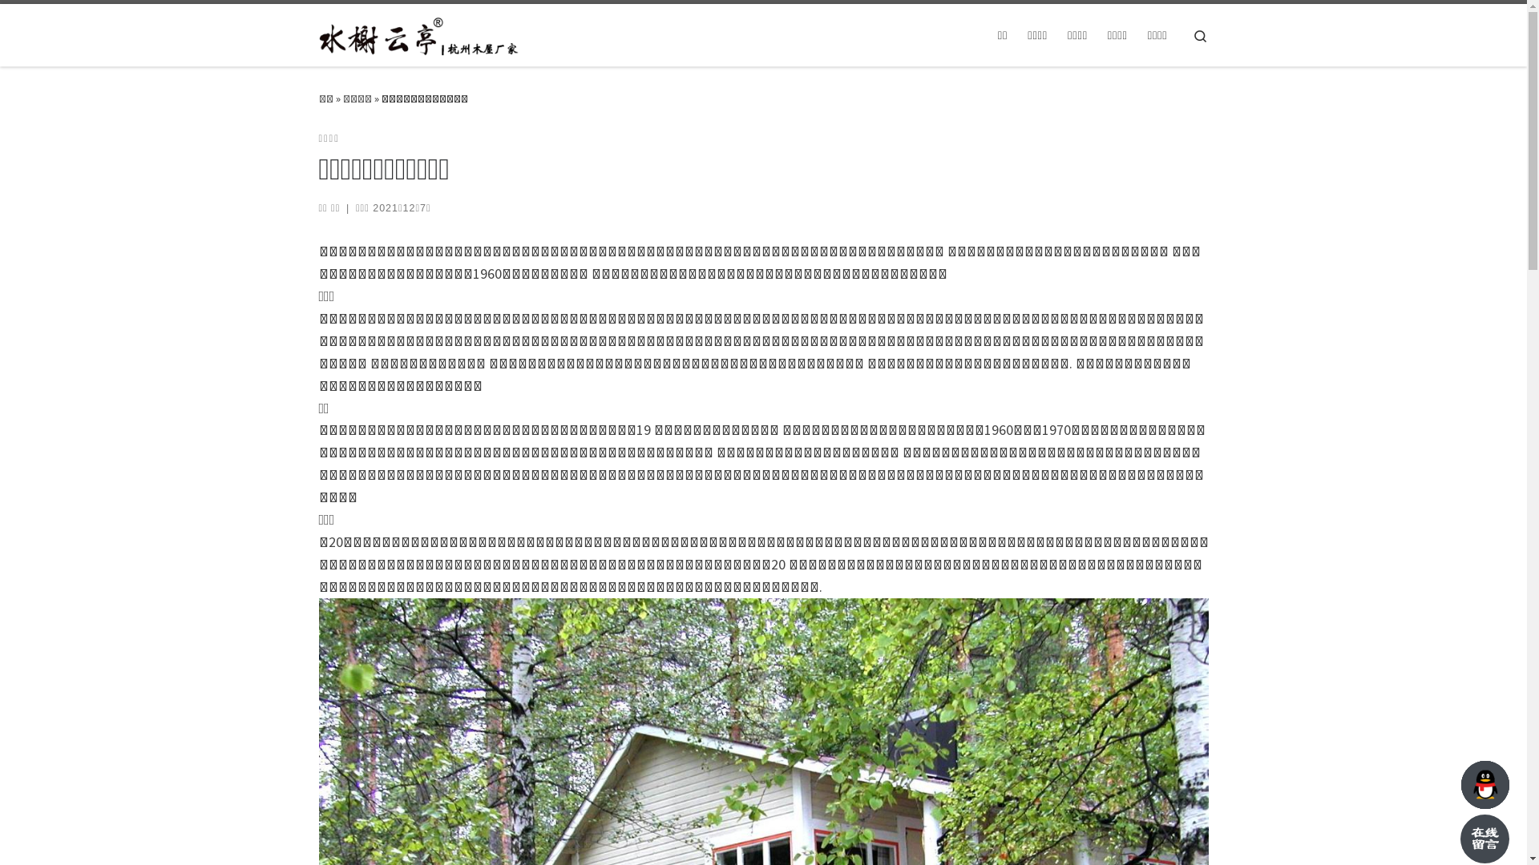  What do you see at coordinates (1200, 35) in the screenshot?
I see `'Search'` at bounding box center [1200, 35].